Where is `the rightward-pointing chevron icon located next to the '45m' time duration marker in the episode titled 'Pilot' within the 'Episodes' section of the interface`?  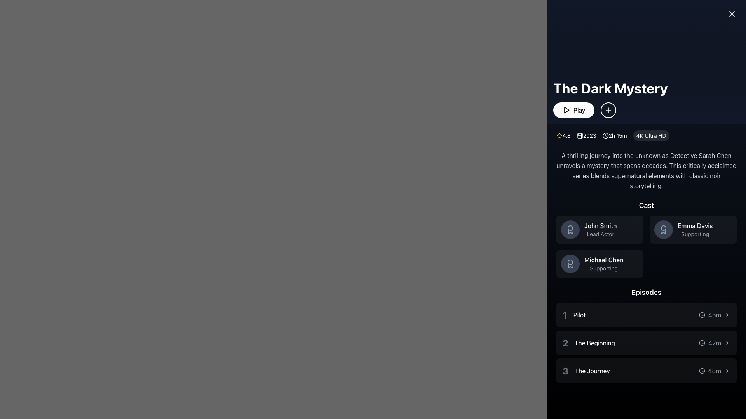
the rightward-pointing chevron icon located next to the '45m' time duration marker in the episode titled 'Pilot' within the 'Episodes' section of the interface is located at coordinates (727, 315).